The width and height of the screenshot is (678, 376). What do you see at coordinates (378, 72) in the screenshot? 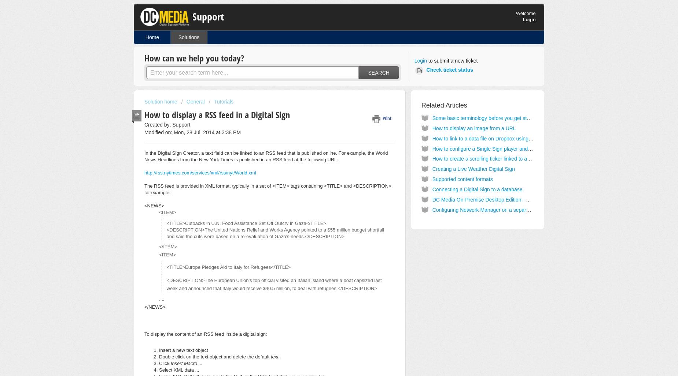
I see `'Search'` at bounding box center [378, 72].